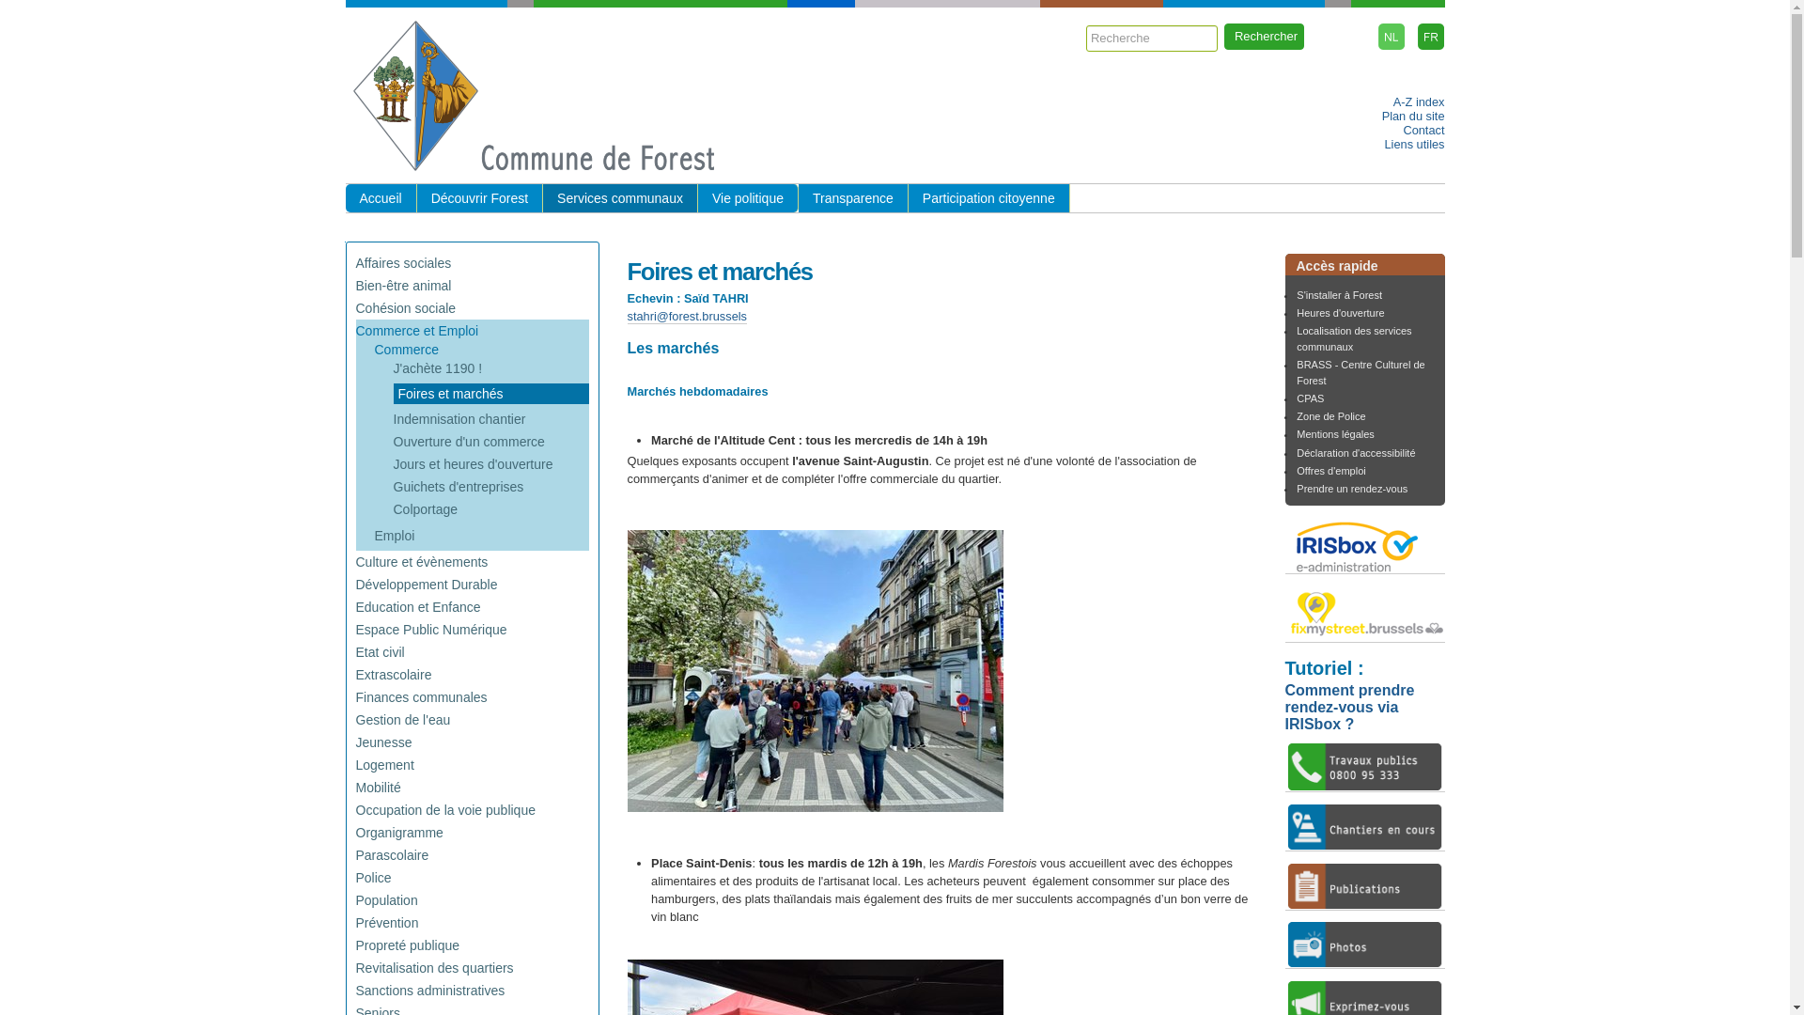  What do you see at coordinates (1414, 143) in the screenshot?
I see `'Liens utiles'` at bounding box center [1414, 143].